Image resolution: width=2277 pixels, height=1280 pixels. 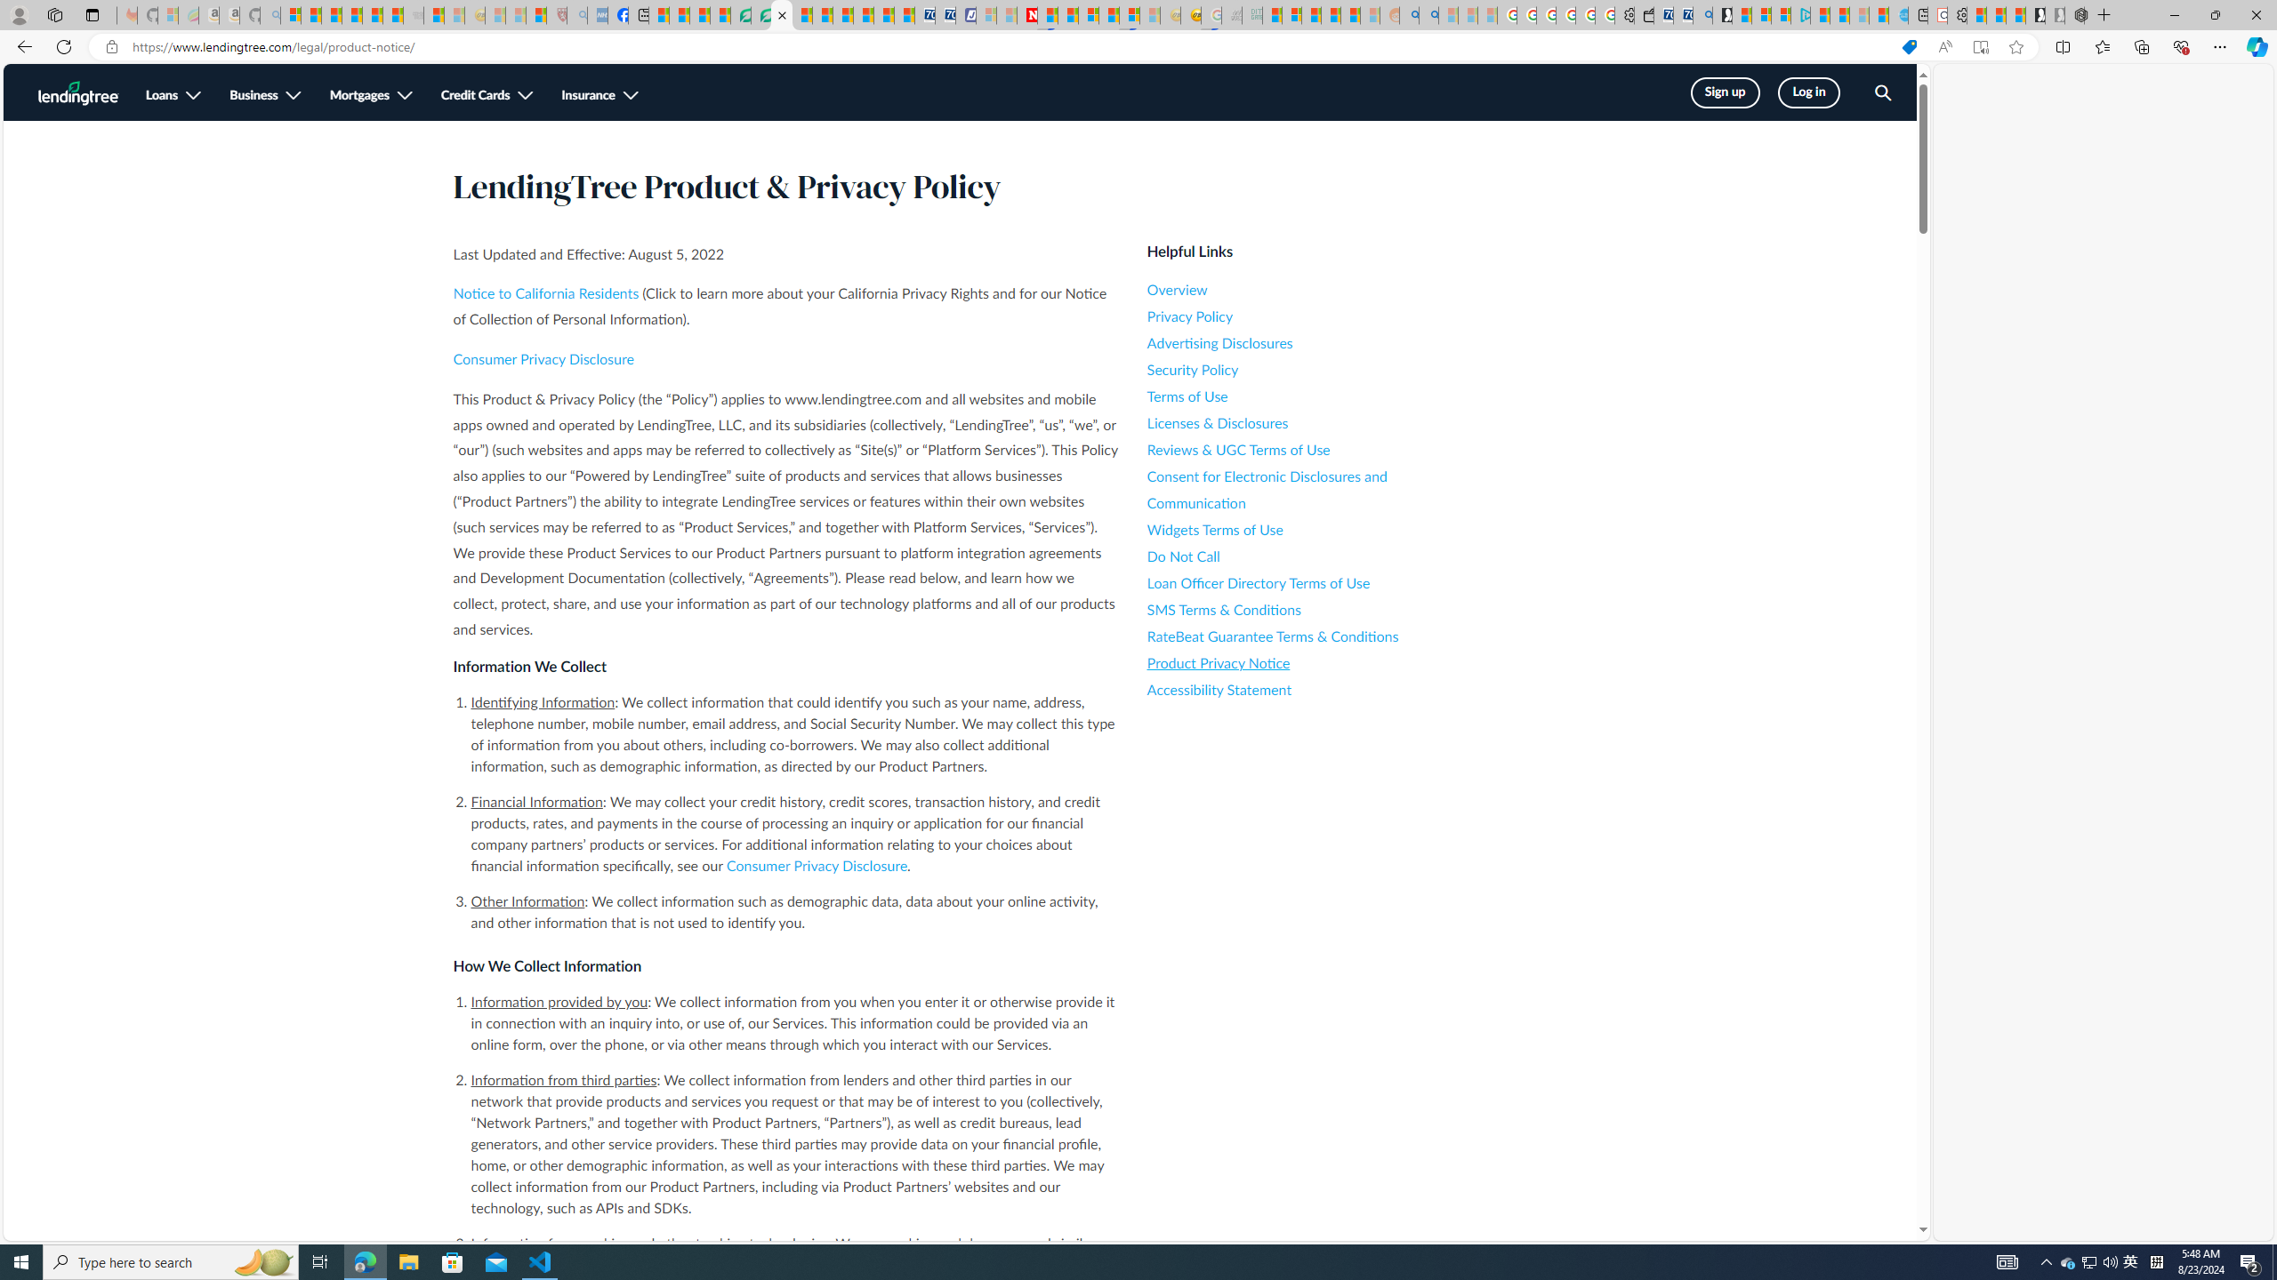 I want to click on 'Widgets Terms of Use', so click(x=1307, y=529).